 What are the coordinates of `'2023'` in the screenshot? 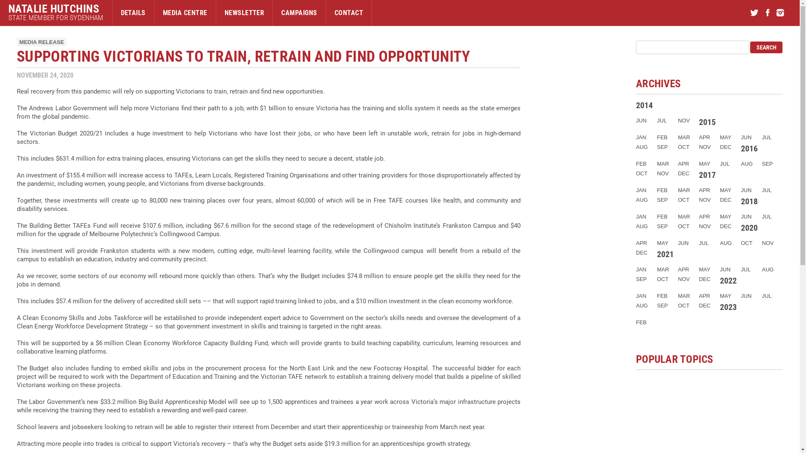 It's located at (727, 307).